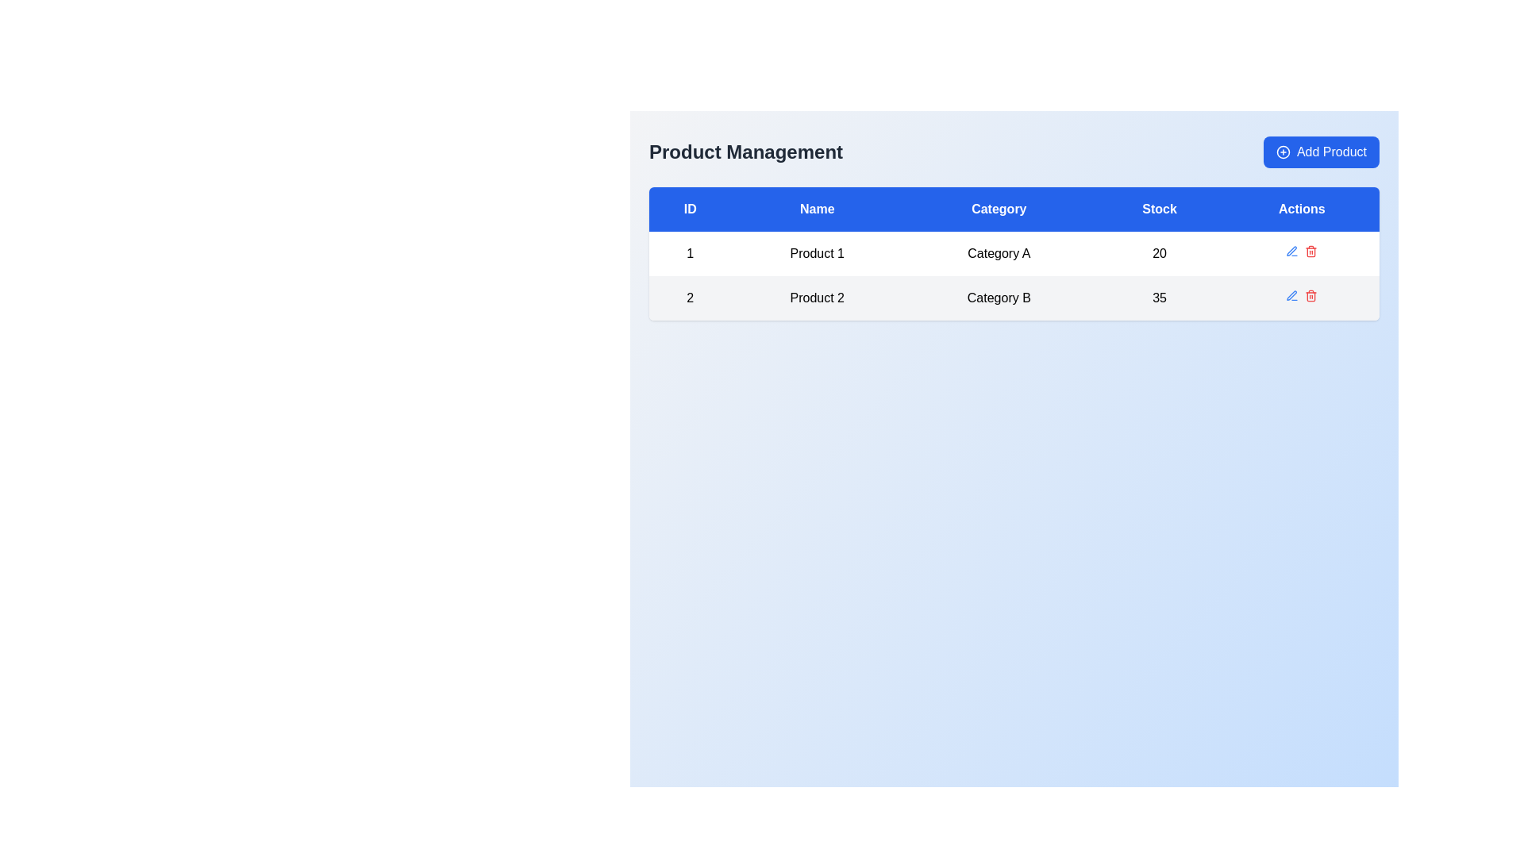 The image size is (1524, 857). Describe the element at coordinates (1160, 298) in the screenshot. I see `the Text label displaying the numeric value '35' in bold font, located in the fourth column of the second row in the 'Stock' column for 'Product 2'` at that location.